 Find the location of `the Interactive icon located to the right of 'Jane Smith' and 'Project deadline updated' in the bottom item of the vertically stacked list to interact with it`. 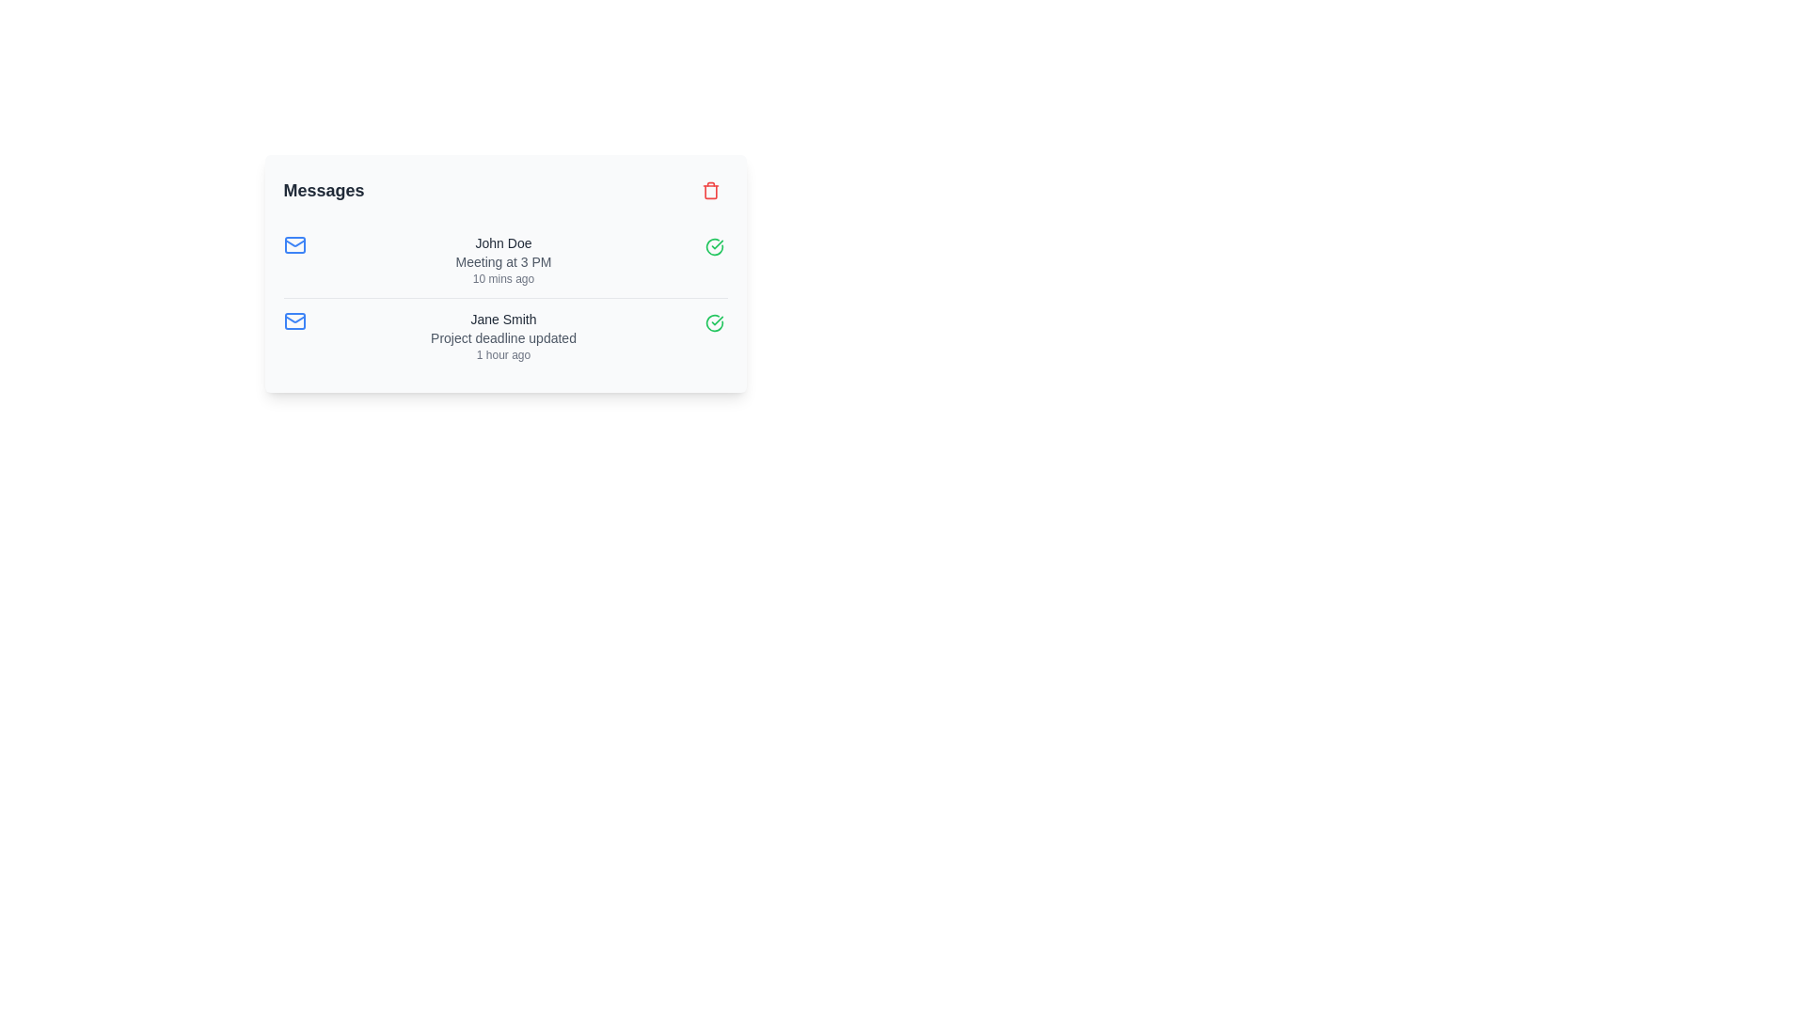

the Interactive icon located to the right of 'Jane Smith' and 'Project deadline updated' in the bottom item of the vertically stacked list to interact with it is located at coordinates (713, 321).